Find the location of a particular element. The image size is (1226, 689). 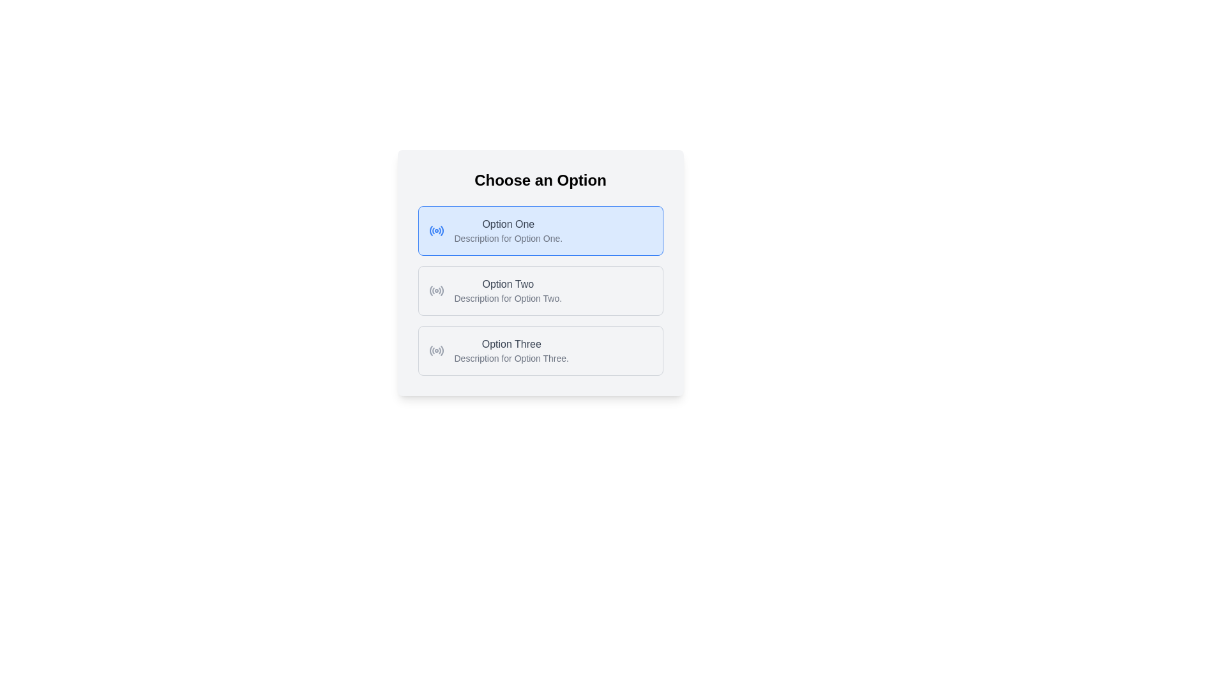

the third radio button option, located below 'Option One' and 'Option Two' is located at coordinates (540, 351).